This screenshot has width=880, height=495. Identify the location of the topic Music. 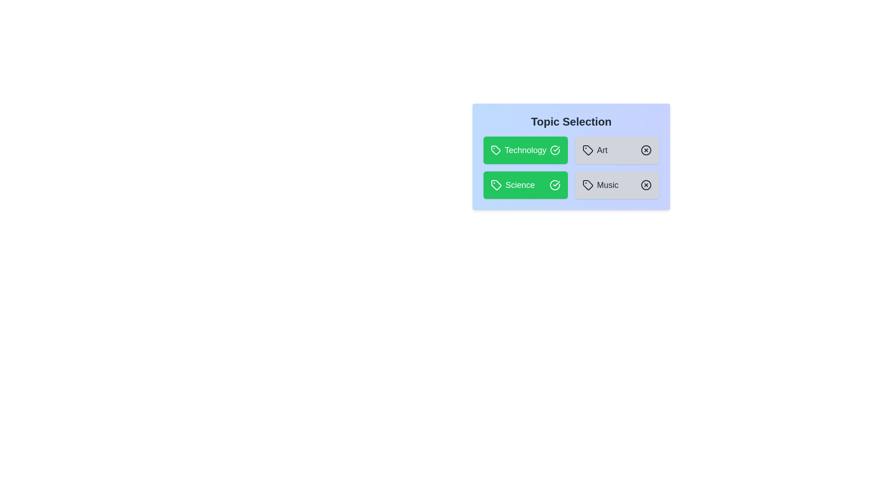
(617, 185).